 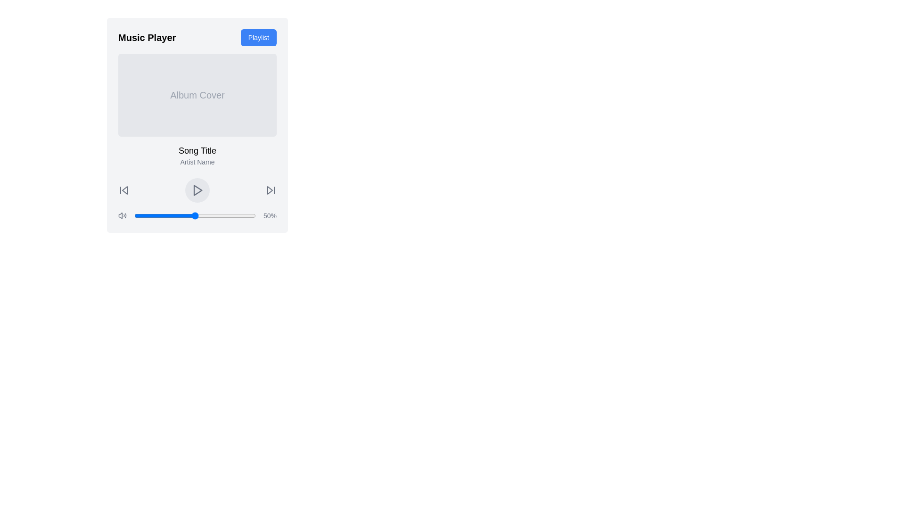 I want to click on the first graphical icon representing audio output settings, located on the leftmost side of the group of three icons, so click(x=120, y=216).